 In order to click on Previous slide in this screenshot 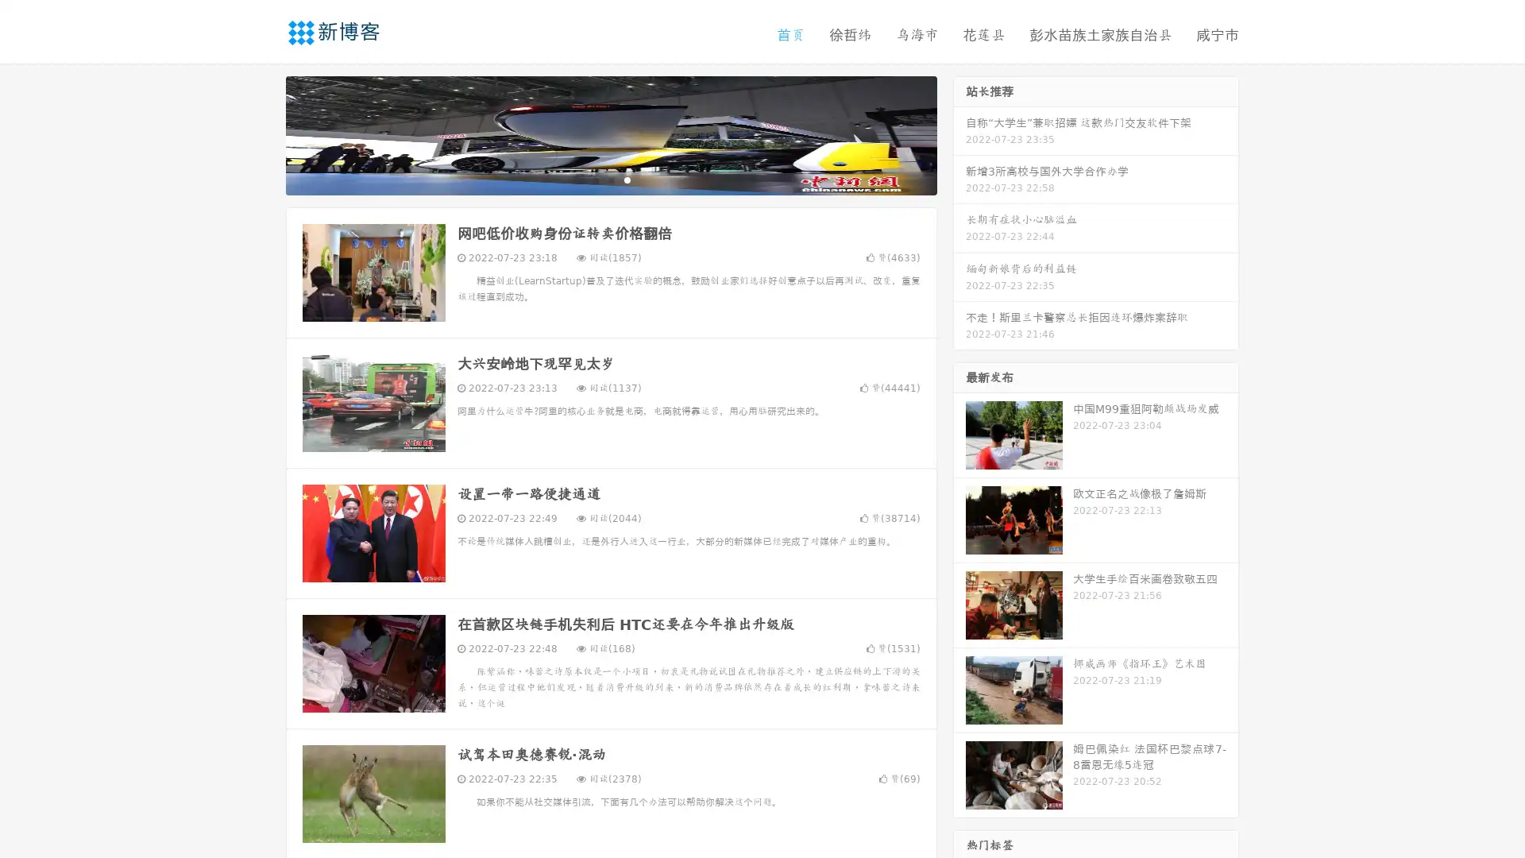, I will do `click(262, 133)`.